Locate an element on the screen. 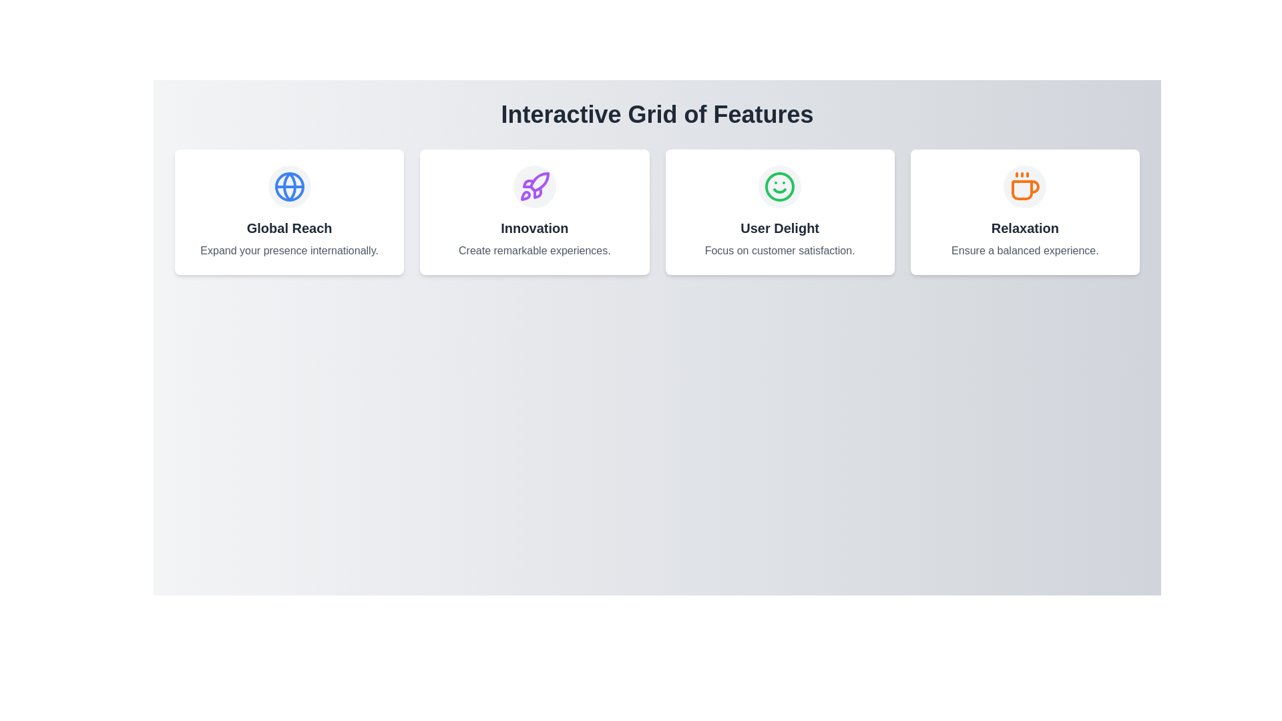 Image resolution: width=1282 pixels, height=721 pixels. the blue circular shape that resembles a globe, which is the central element of the leftmost icon labeled 'Global Reach' is located at coordinates (288, 187).